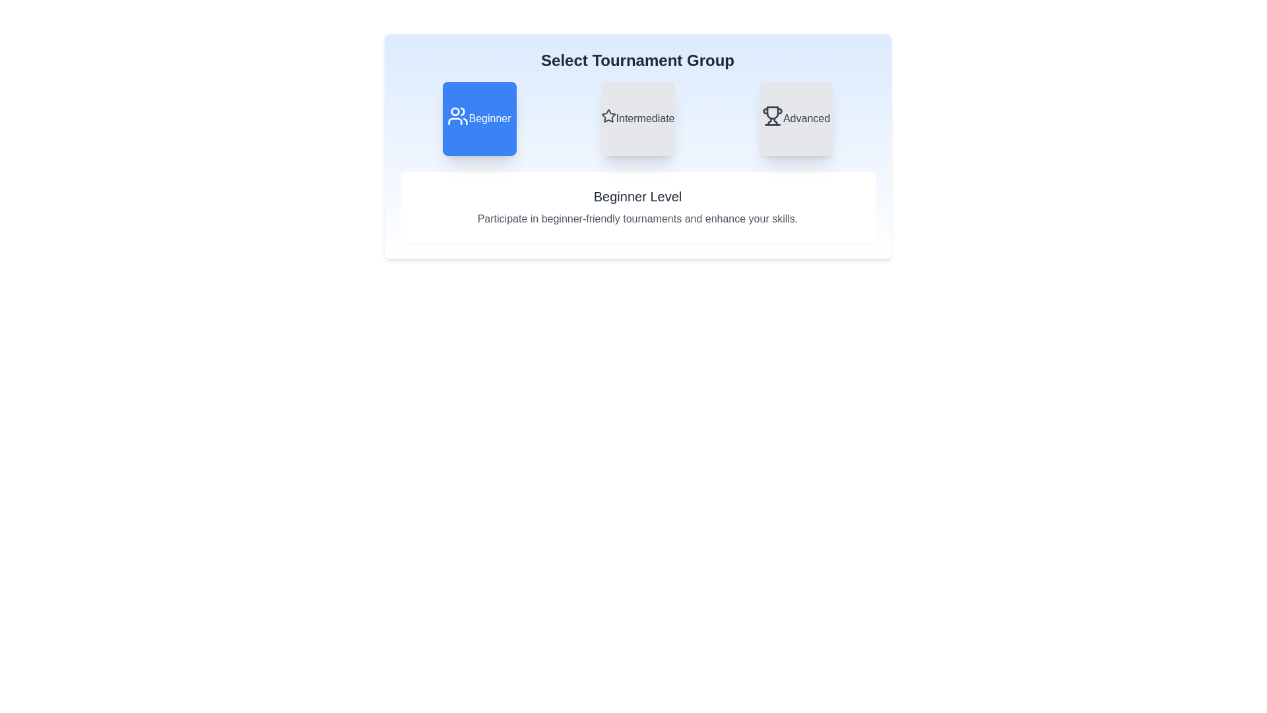 This screenshot has width=1267, height=713. Describe the element at coordinates (455, 111) in the screenshot. I see `the Decorative Circle, a small circular dot located in the upper left section of the group icon` at that location.